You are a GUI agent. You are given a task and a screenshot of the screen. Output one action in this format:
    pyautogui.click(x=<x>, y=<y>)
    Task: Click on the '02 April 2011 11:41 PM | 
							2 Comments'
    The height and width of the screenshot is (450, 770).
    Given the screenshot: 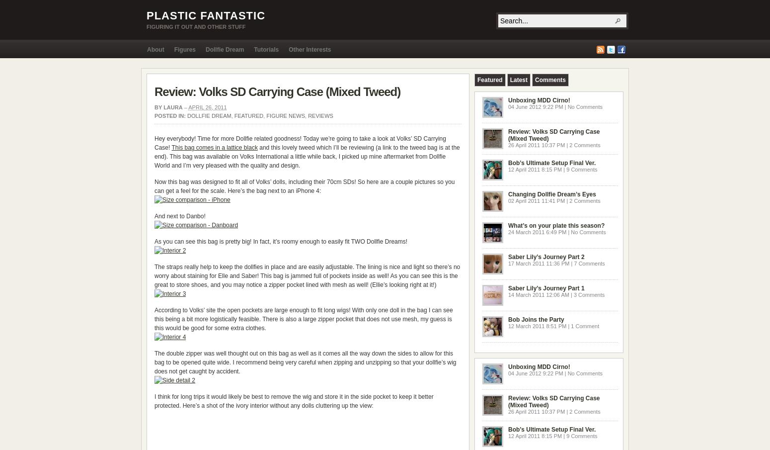 What is the action you would take?
    pyautogui.click(x=553, y=200)
    